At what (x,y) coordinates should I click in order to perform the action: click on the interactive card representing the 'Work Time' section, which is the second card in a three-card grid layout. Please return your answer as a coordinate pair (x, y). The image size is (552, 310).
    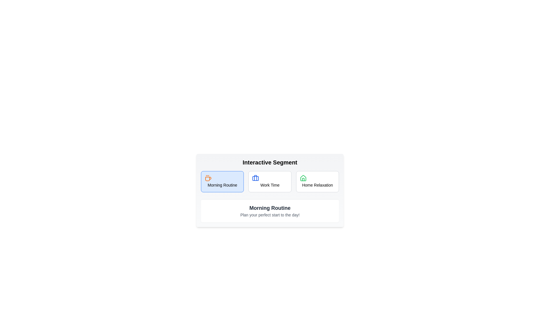
    Looking at the image, I should click on (270, 181).